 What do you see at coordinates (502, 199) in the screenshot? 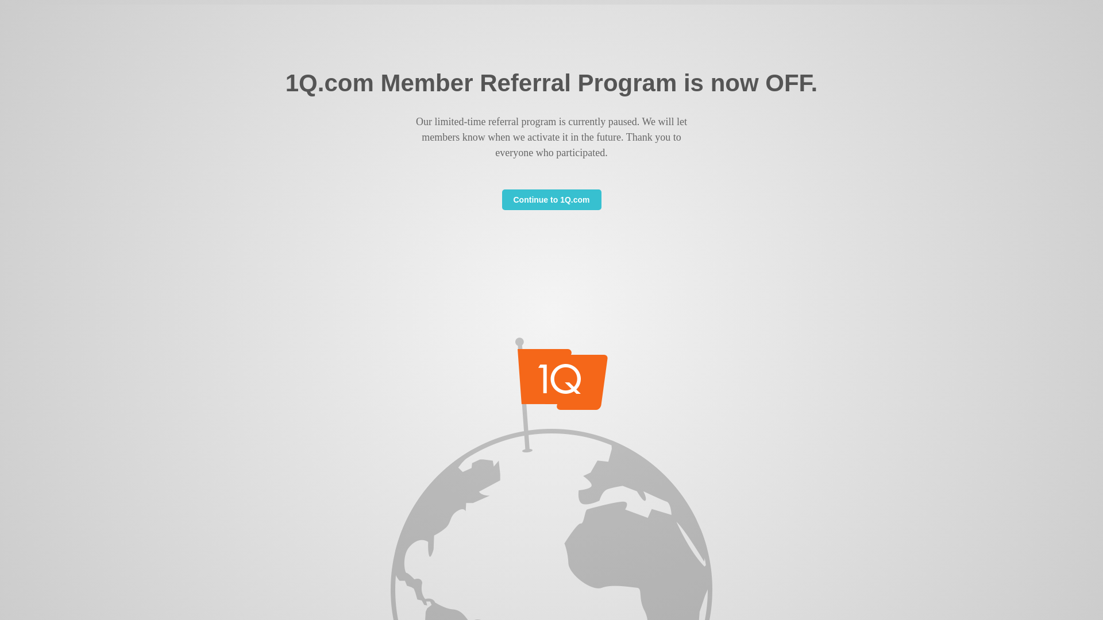
I see `'Continue to 1Q.com'` at bounding box center [502, 199].